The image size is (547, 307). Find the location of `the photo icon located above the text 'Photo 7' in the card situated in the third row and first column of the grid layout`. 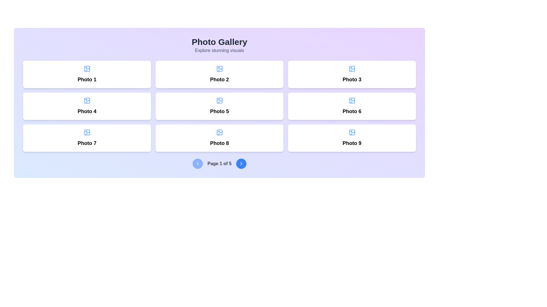

the photo icon located above the text 'Photo 7' in the card situated in the third row and first column of the grid layout is located at coordinates (87, 132).